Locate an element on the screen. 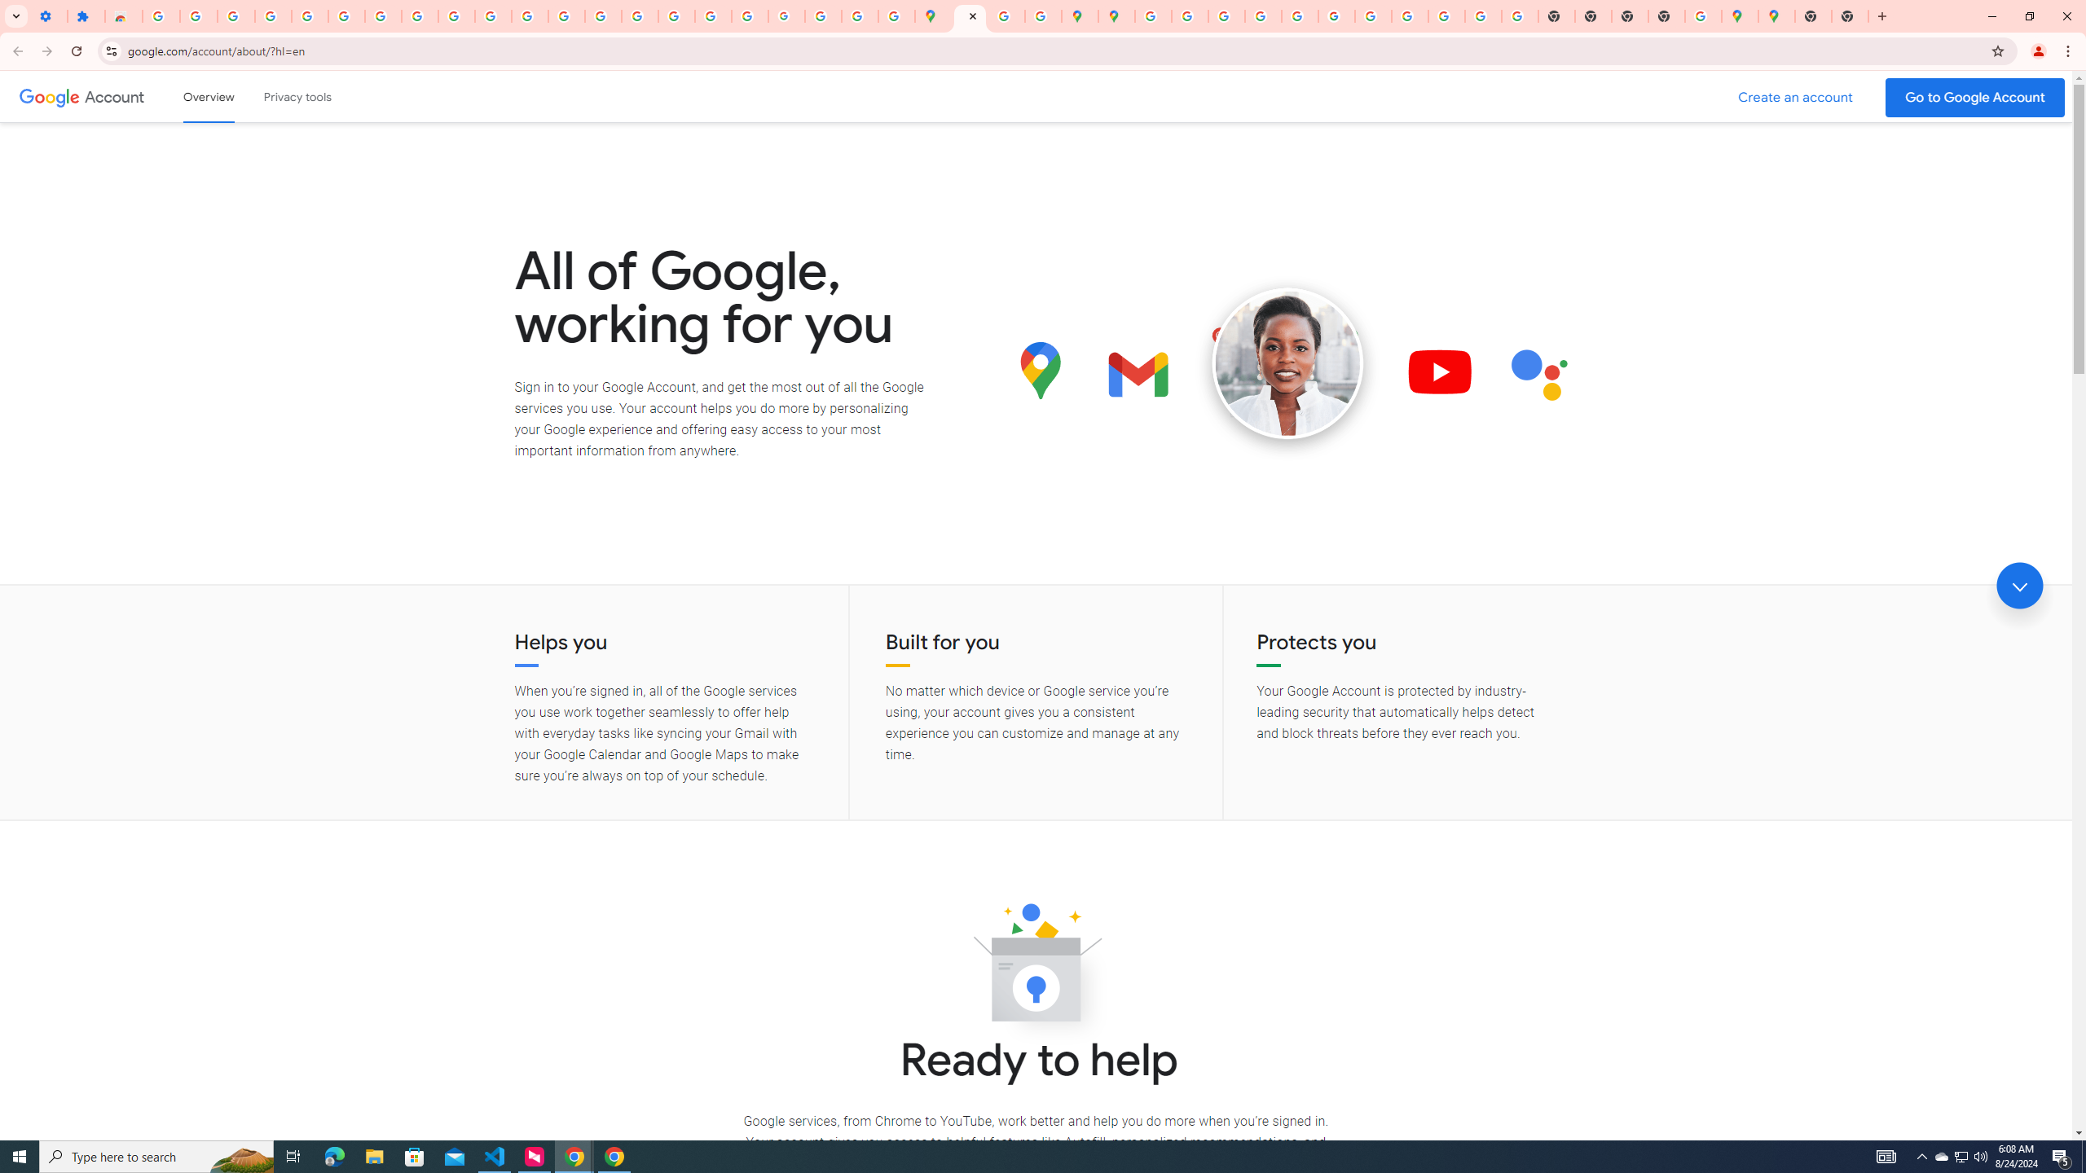  'Privacy Help Center - Policies Help' is located at coordinates (1262, 15).